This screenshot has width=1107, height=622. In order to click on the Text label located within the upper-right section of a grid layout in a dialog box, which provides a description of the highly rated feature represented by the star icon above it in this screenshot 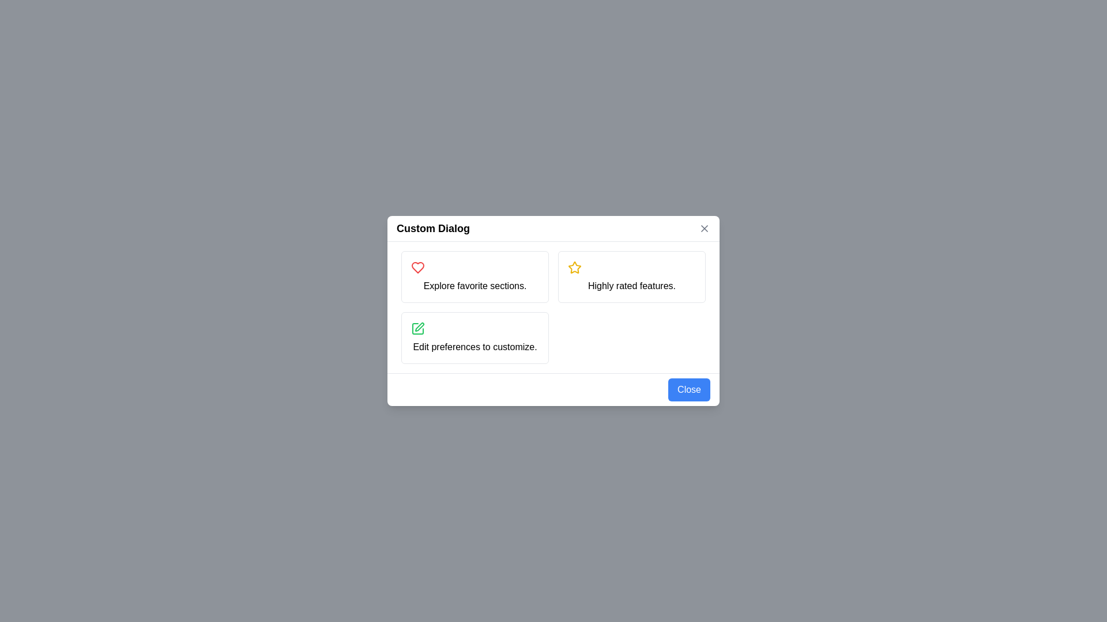, I will do `click(631, 286)`.